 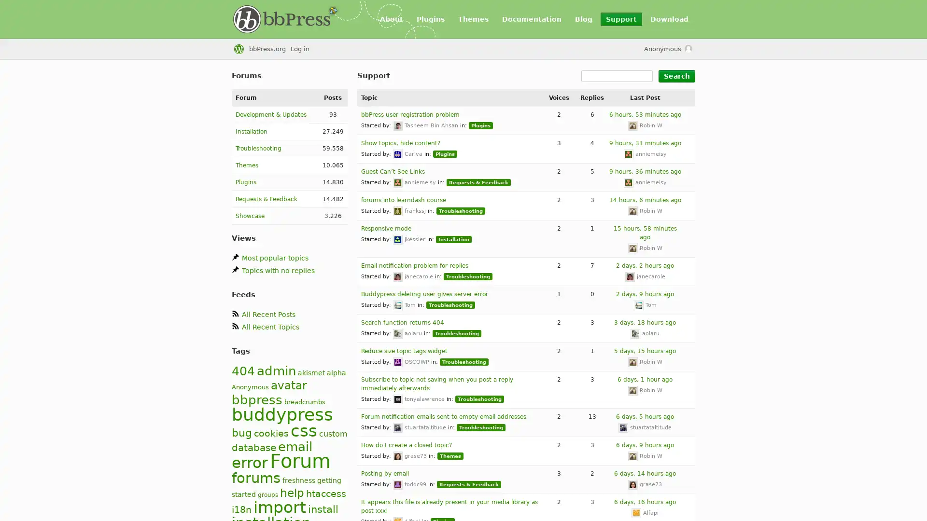 What do you see at coordinates (676, 76) in the screenshot?
I see `Search` at bounding box center [676, 76].